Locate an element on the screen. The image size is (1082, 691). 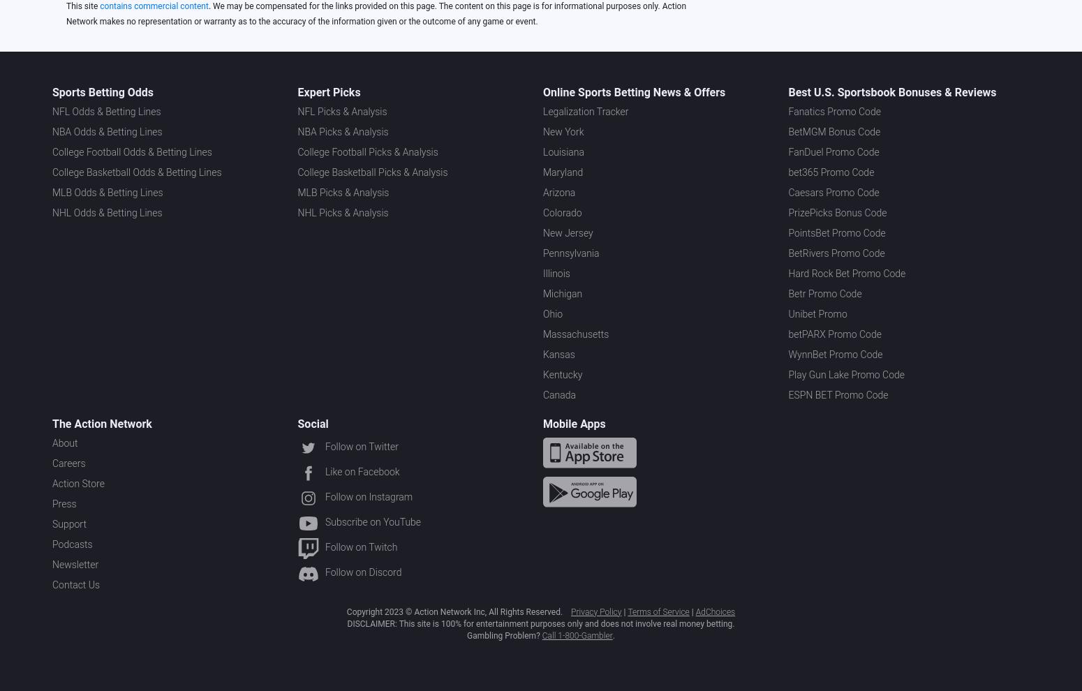
'MLB Odds & Betting Lines' is located at coordinates (108, 192).